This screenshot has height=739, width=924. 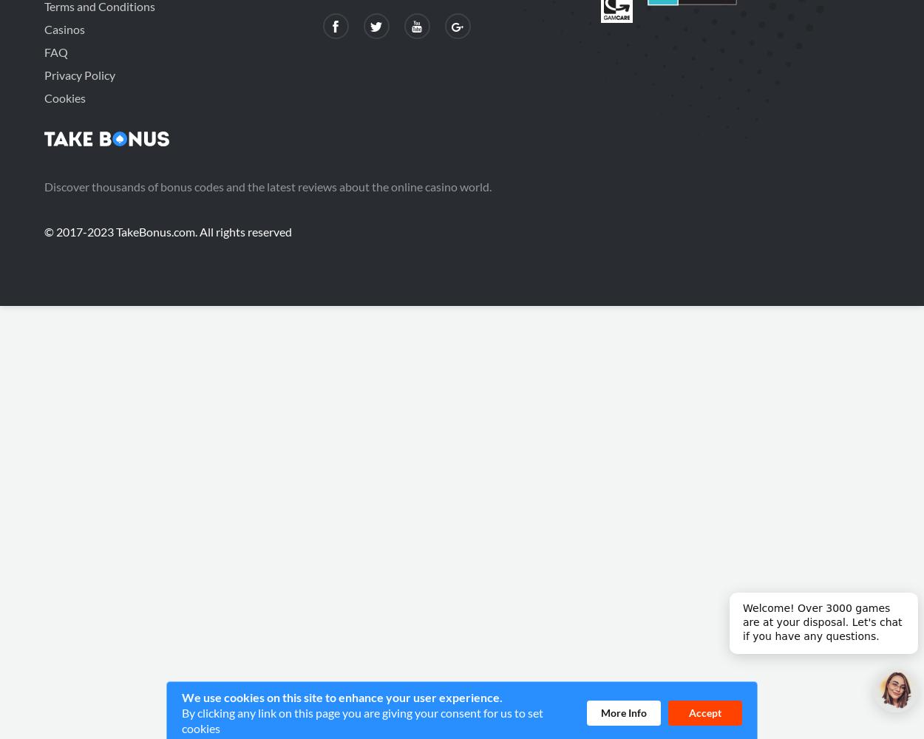 I want to click on 'Casinos', so click(x=64, y=29).